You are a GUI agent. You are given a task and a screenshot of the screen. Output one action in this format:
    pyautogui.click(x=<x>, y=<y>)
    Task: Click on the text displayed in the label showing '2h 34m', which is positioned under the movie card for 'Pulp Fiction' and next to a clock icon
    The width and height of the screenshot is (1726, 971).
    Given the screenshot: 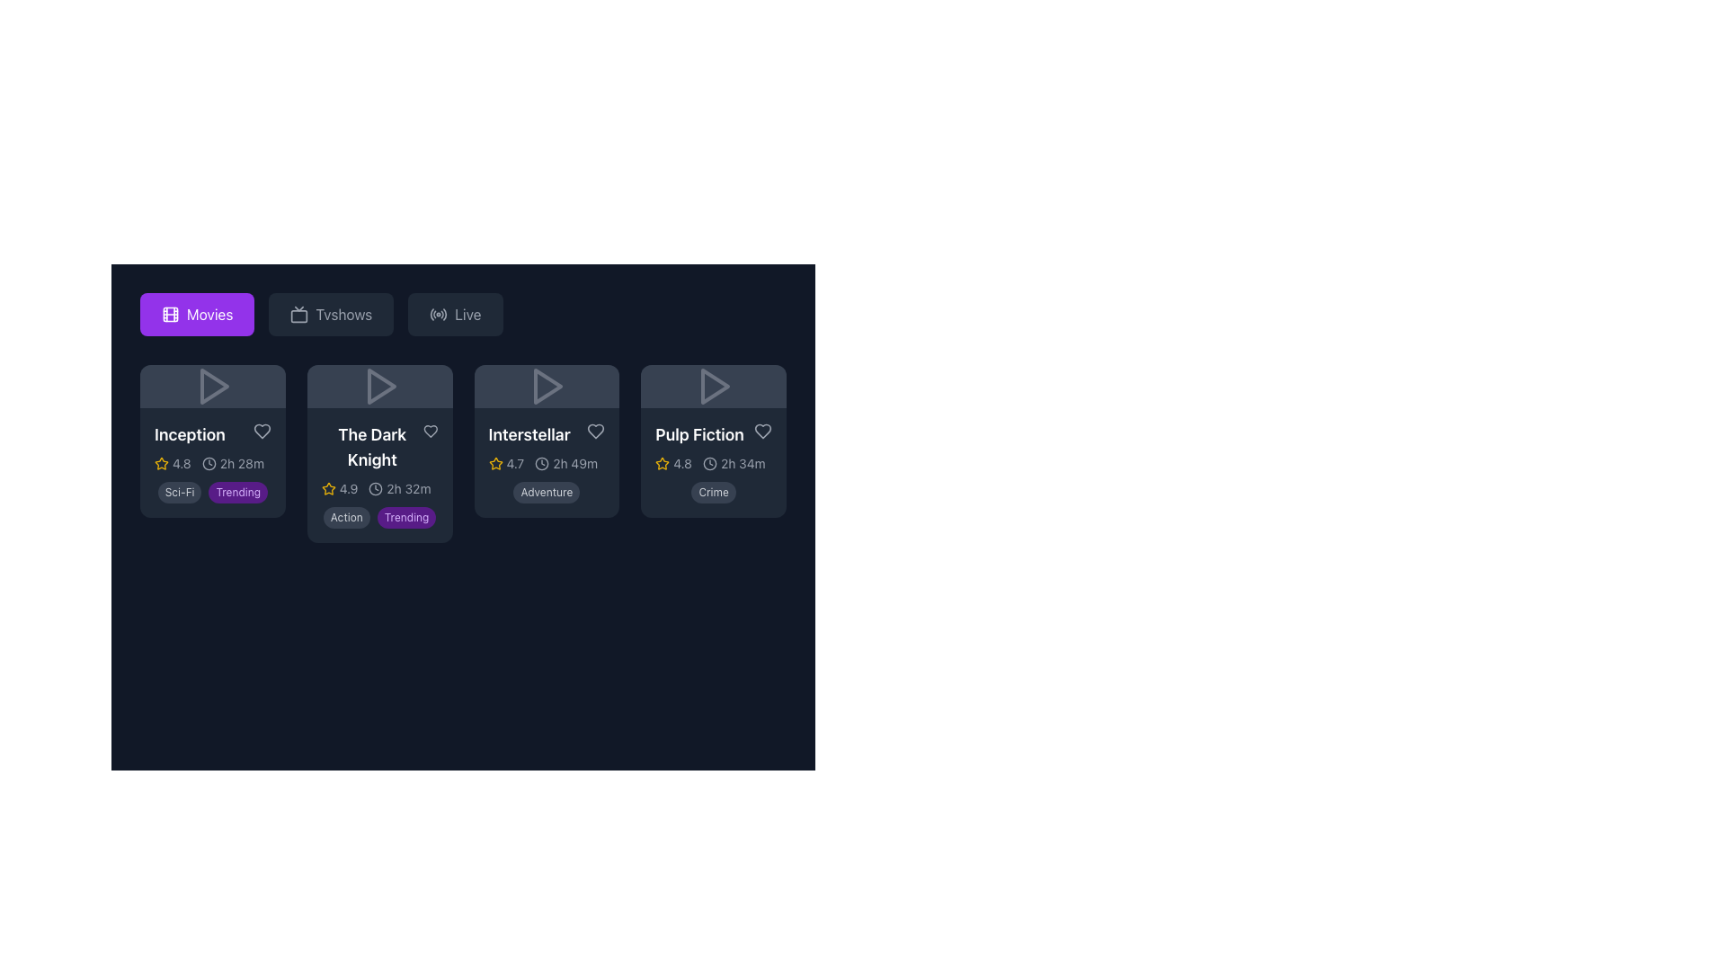 What is the action you would take?
    pyautogui.click(x=743, y=463)
    